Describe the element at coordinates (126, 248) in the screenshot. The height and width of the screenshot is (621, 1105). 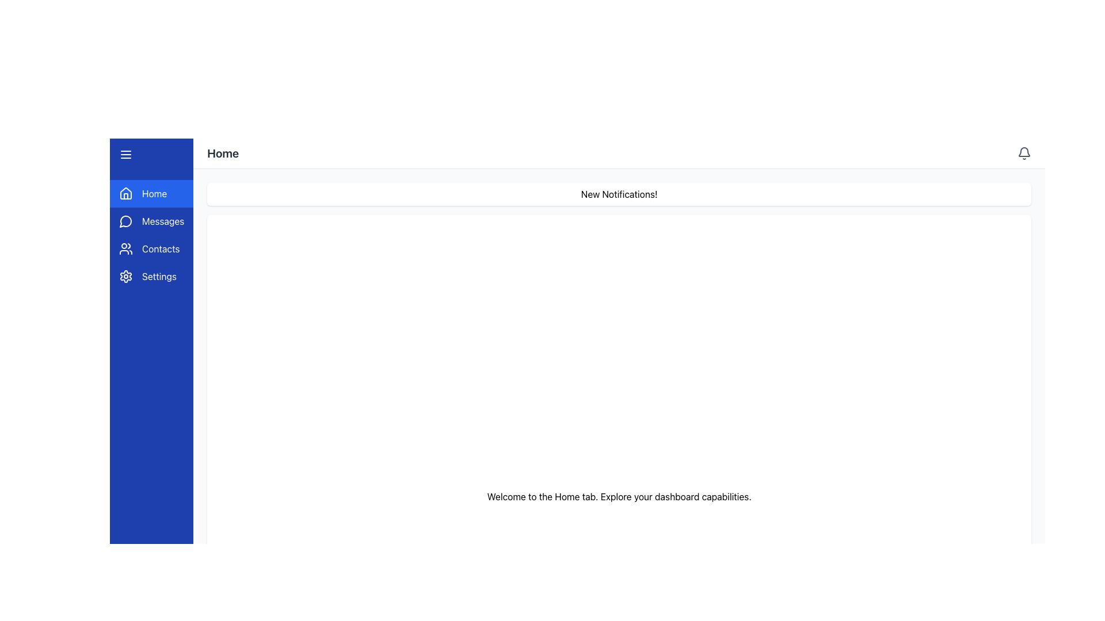
I see `the 'Contacts' icon button located in the vertical navigation panel on the left side of the interface` at that location.